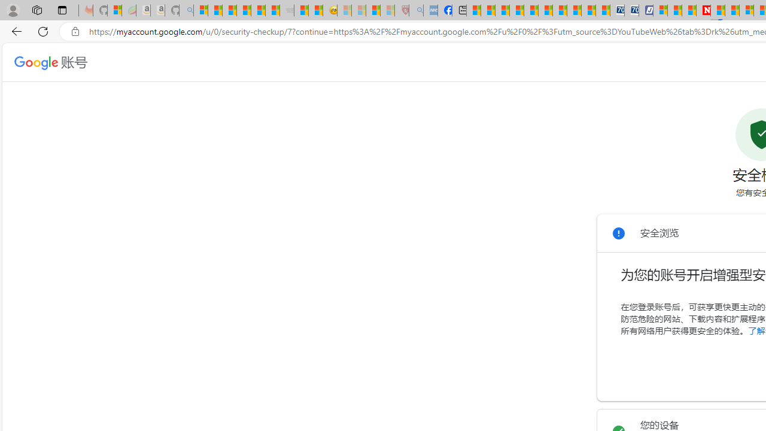 This screenshot has width=766, height=431. Describe the element at coordinates (230, 10) in the screenshot. I see `'The Weather Channel - MSN'` at that location.